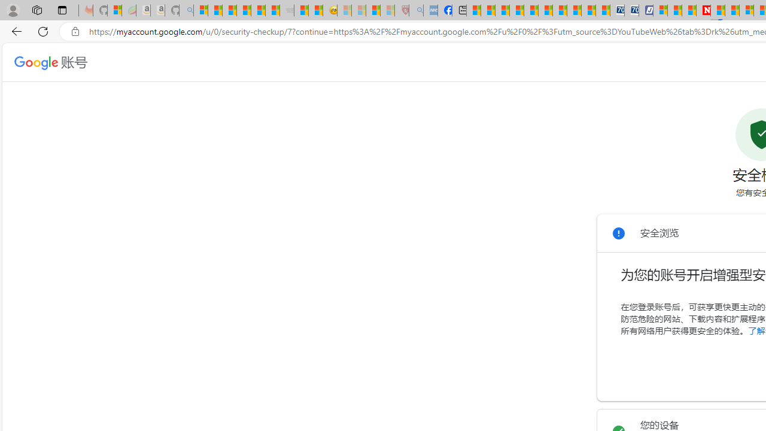 This screenshot has width=766, height=431. Describe the element at coordinates (230, 10) in the screenshot. I see `'The Weather Channel - MSN'` at that location.